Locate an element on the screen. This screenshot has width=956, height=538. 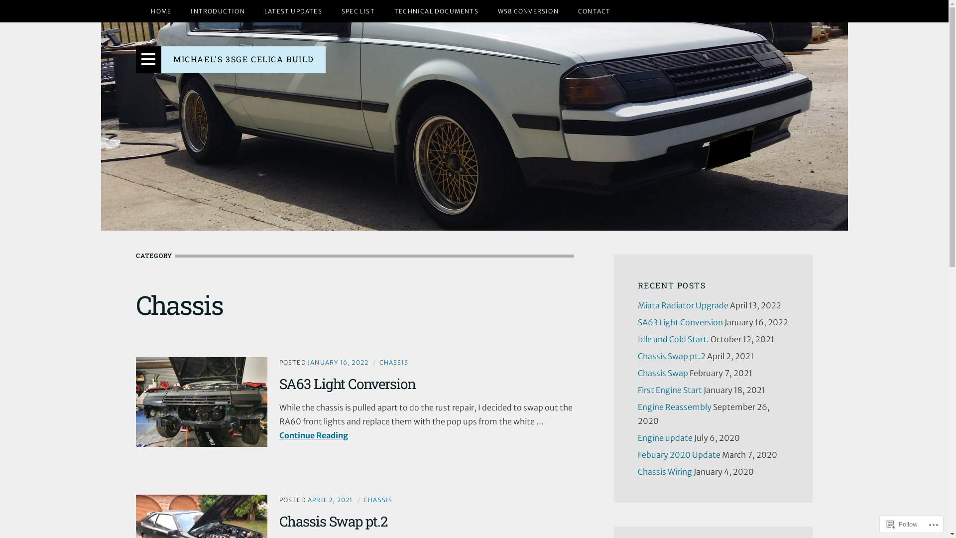
'Engine Reassembly' is located at coordinates (637, 407).